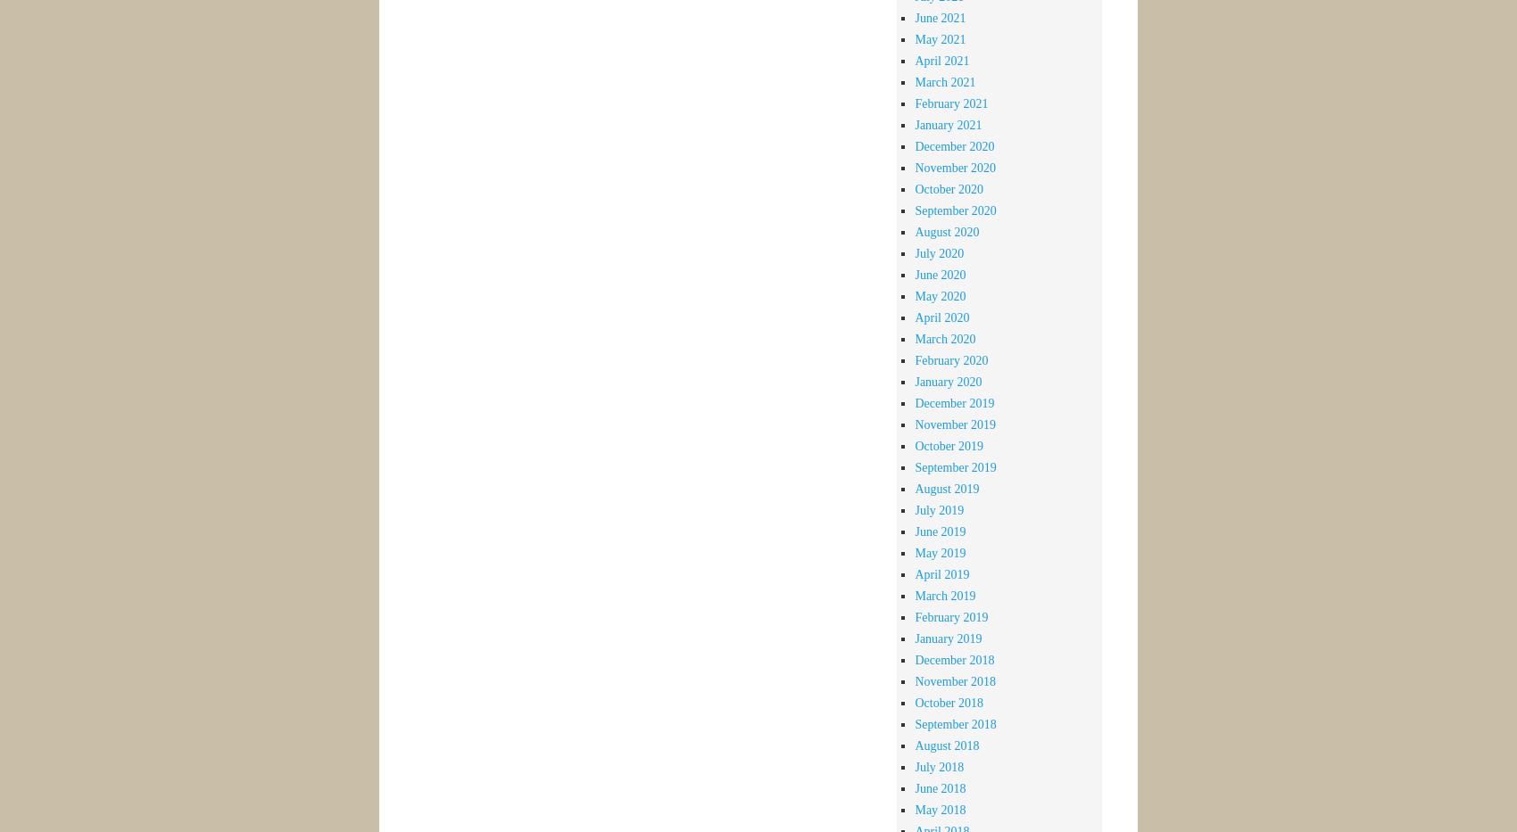 This screenshot has width=1517, height=832. Describe the element at coordinates (947, 380) in the screenshot. I see `'January 2020'` at that location.